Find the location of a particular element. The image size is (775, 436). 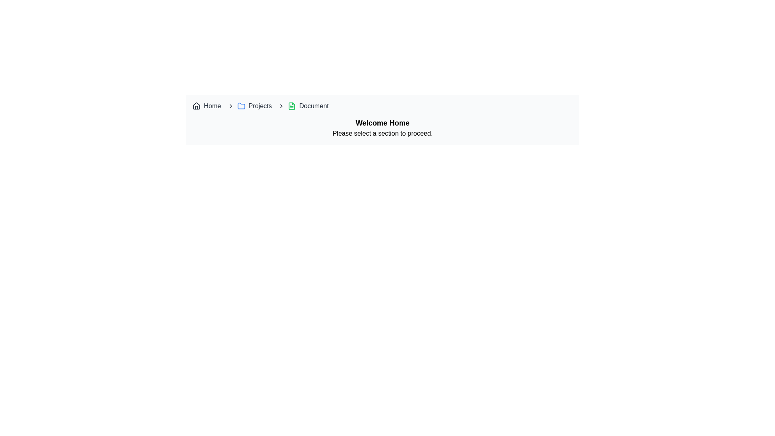

the Static Text Display element that provides a textual introduction or welcome message, located below the breadcrumb navigation bar with a gray background is located at coordinates (382, 127).